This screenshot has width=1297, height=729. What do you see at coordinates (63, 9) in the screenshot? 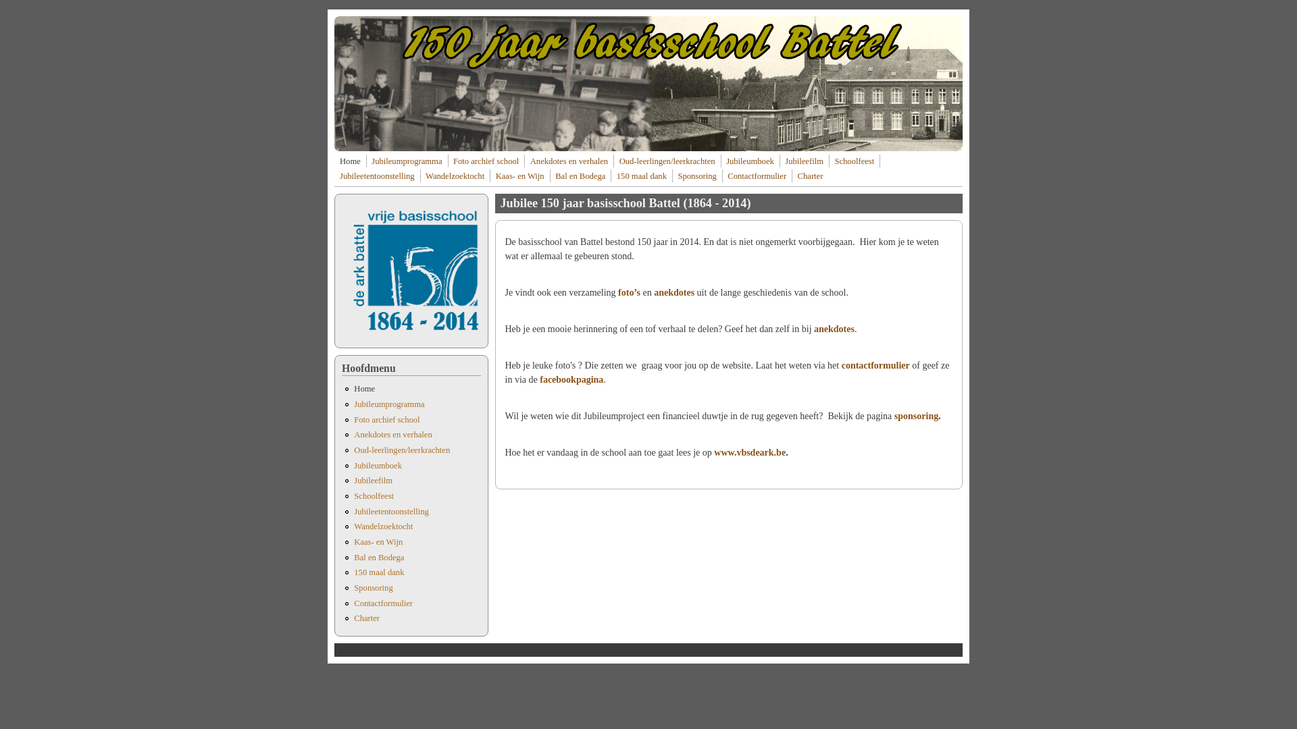
I see `'Overslaan en naar de inhoud gaan'` at bounding box center [63, 9].